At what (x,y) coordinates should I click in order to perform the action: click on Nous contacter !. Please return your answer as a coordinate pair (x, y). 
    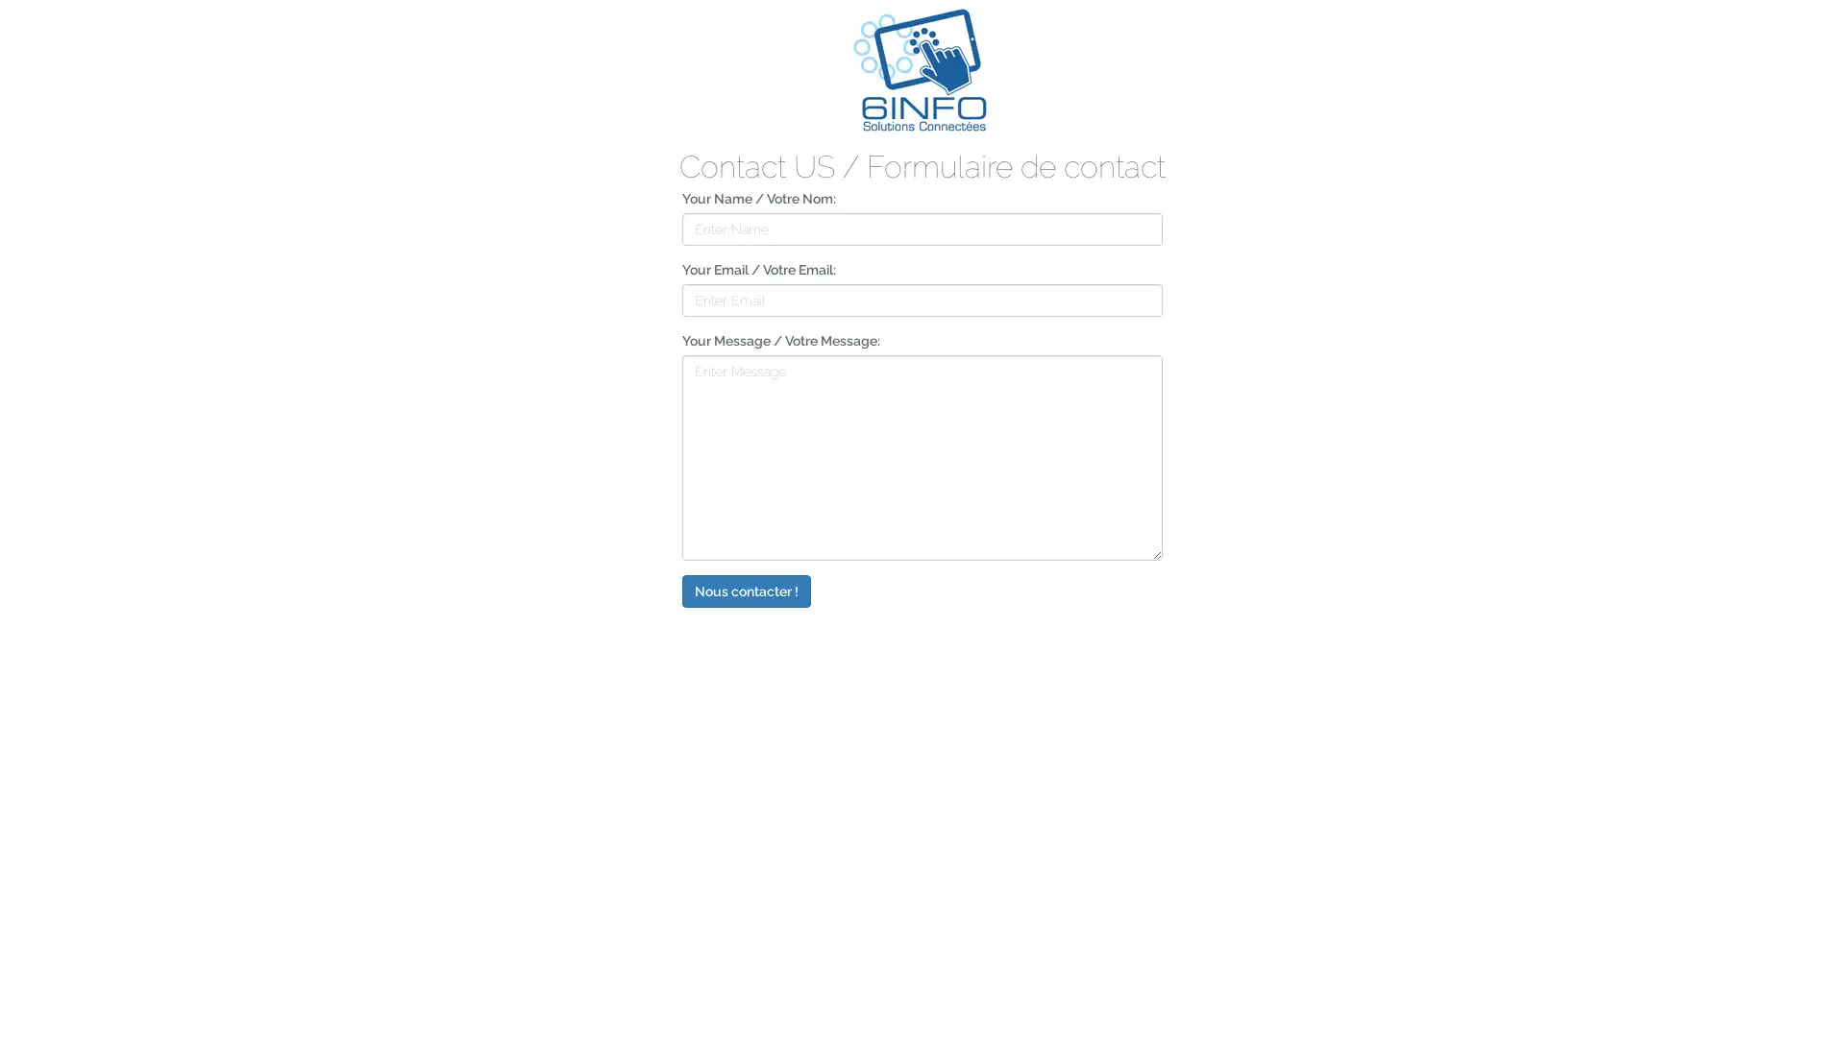
    Looking at the image, I should click on (746, 589).